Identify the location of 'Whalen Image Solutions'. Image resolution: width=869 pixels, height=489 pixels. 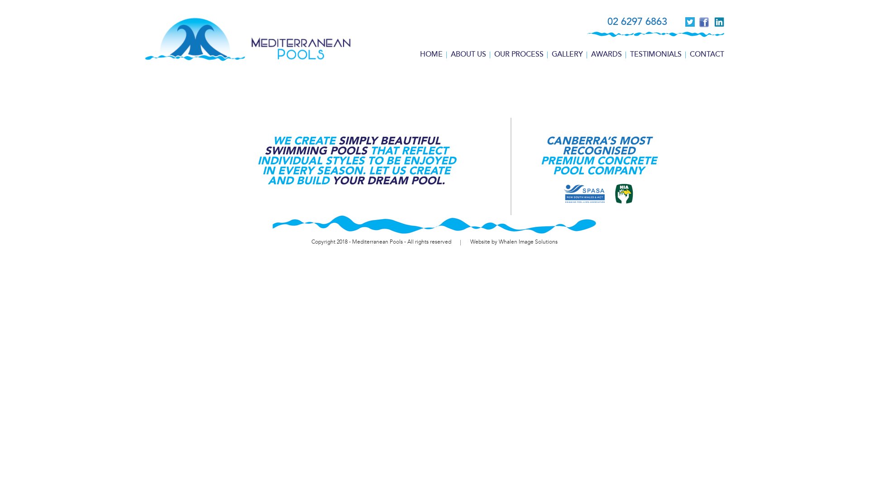
(498, 241).